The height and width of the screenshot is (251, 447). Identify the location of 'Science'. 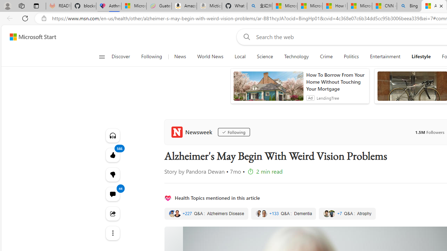
(264, 56).